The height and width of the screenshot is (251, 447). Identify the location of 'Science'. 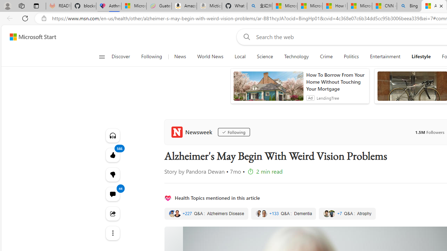
(264, 56).